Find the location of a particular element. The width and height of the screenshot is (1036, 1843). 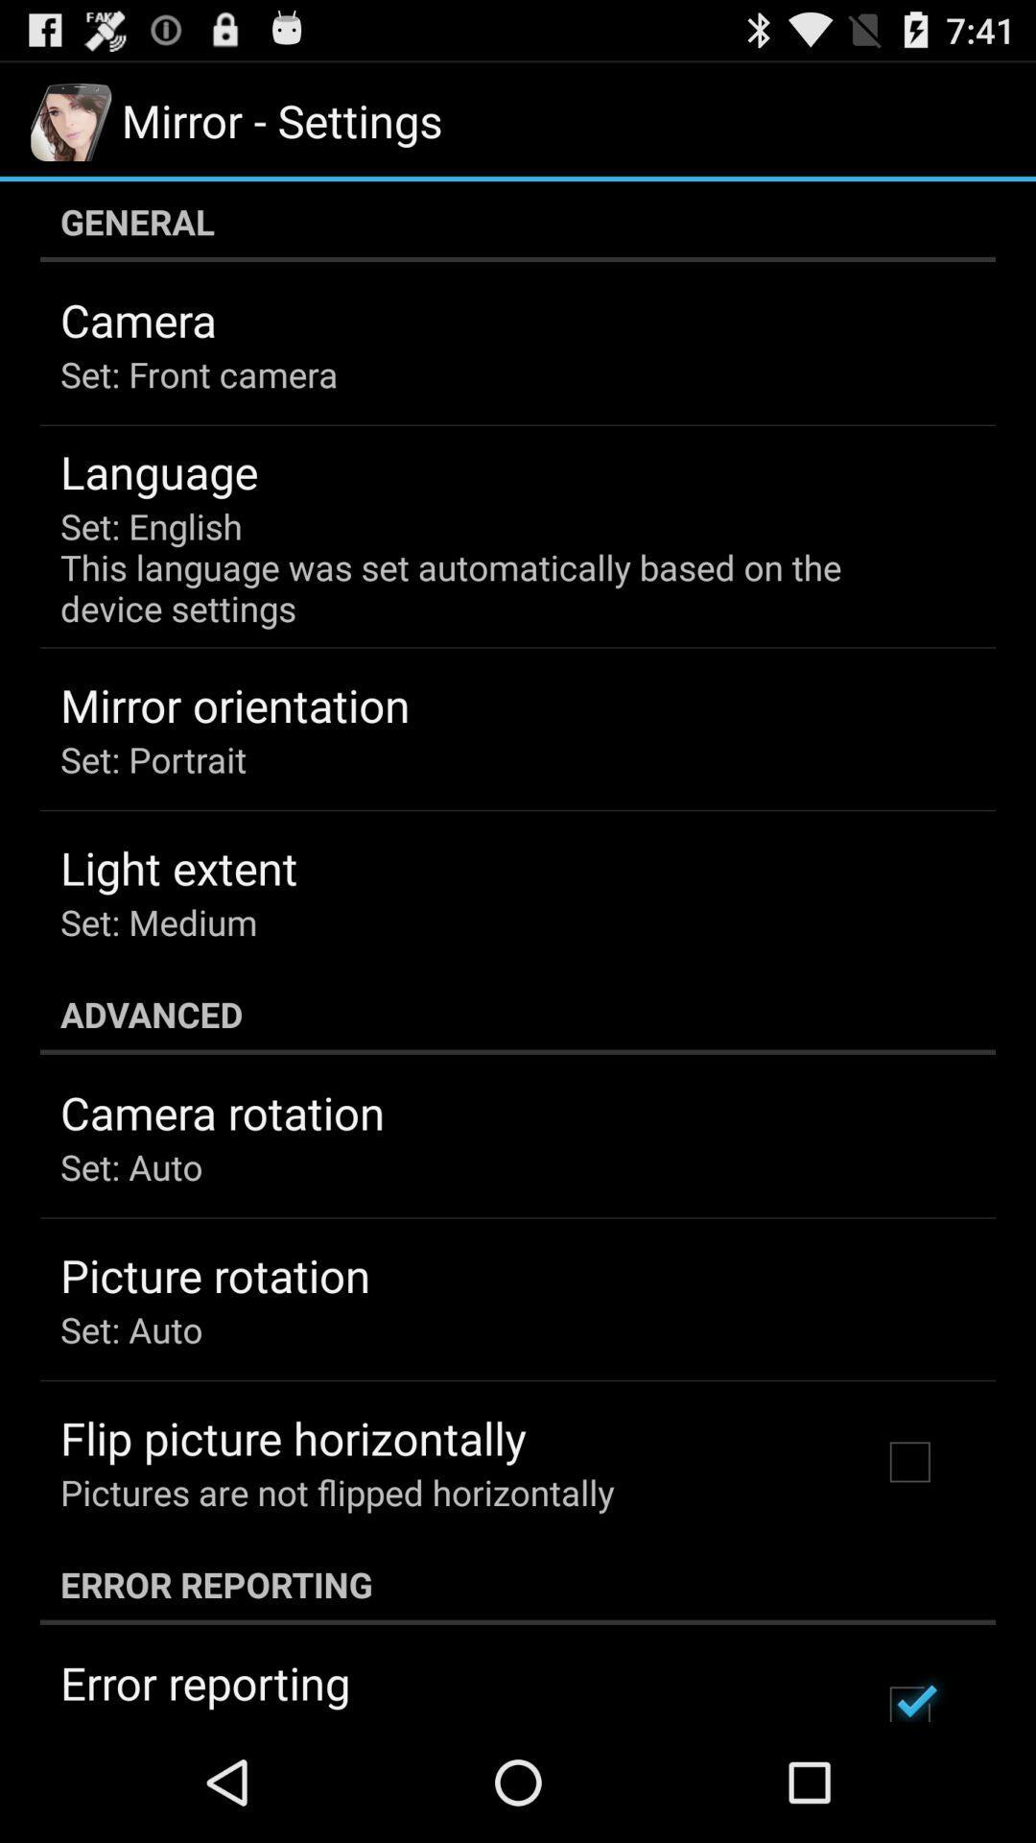

light extent app is located at coordinates (178, 867).